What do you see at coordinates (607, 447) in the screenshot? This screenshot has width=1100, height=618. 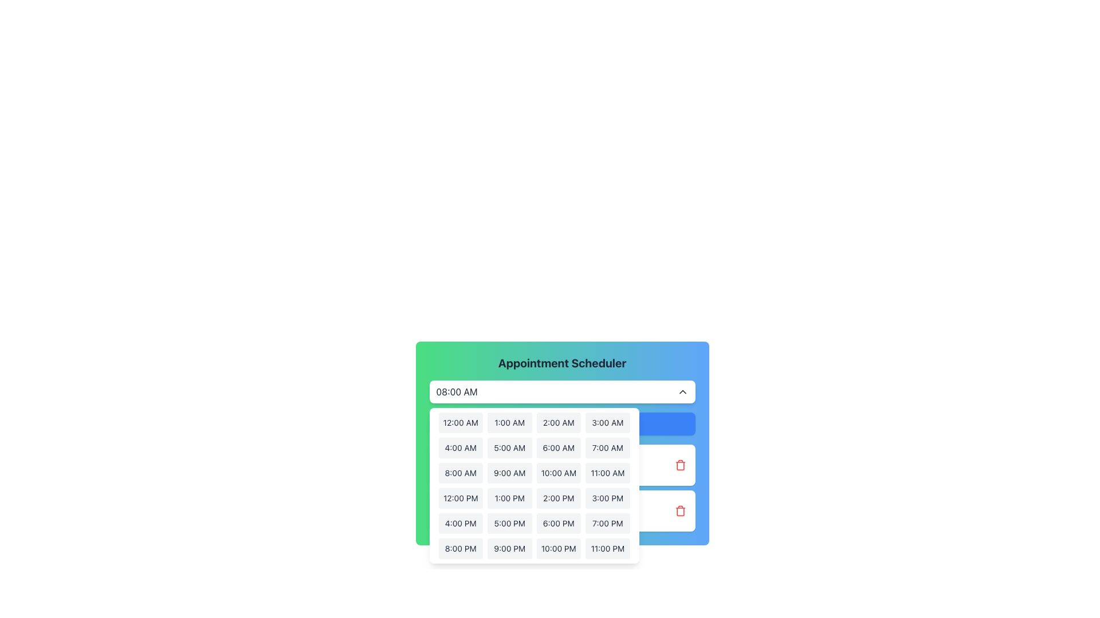 I see `the '7:00 AM' button, which is a rectangular button with a light background and rounded corners located in the second row, fourth column of the time buttons grid` at bounding box center [607, 447].